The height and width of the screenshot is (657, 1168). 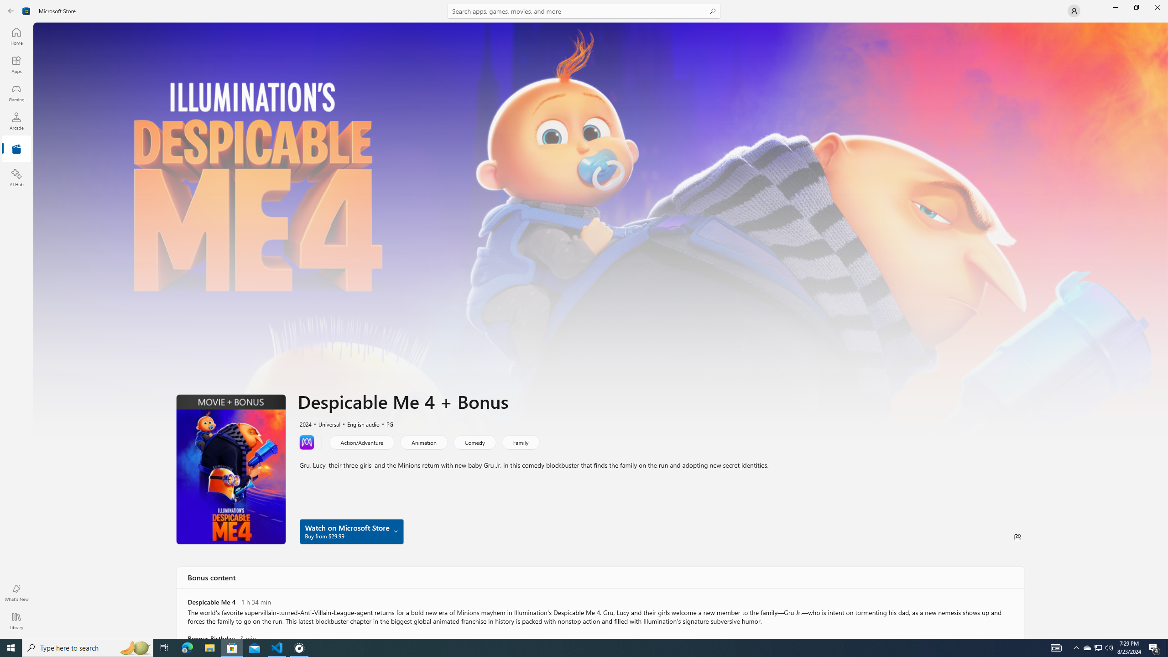 What do you see at coordinates (16, 177) in the screenshot?
I see `'AI Hub'` at bounding box center [16, 177].